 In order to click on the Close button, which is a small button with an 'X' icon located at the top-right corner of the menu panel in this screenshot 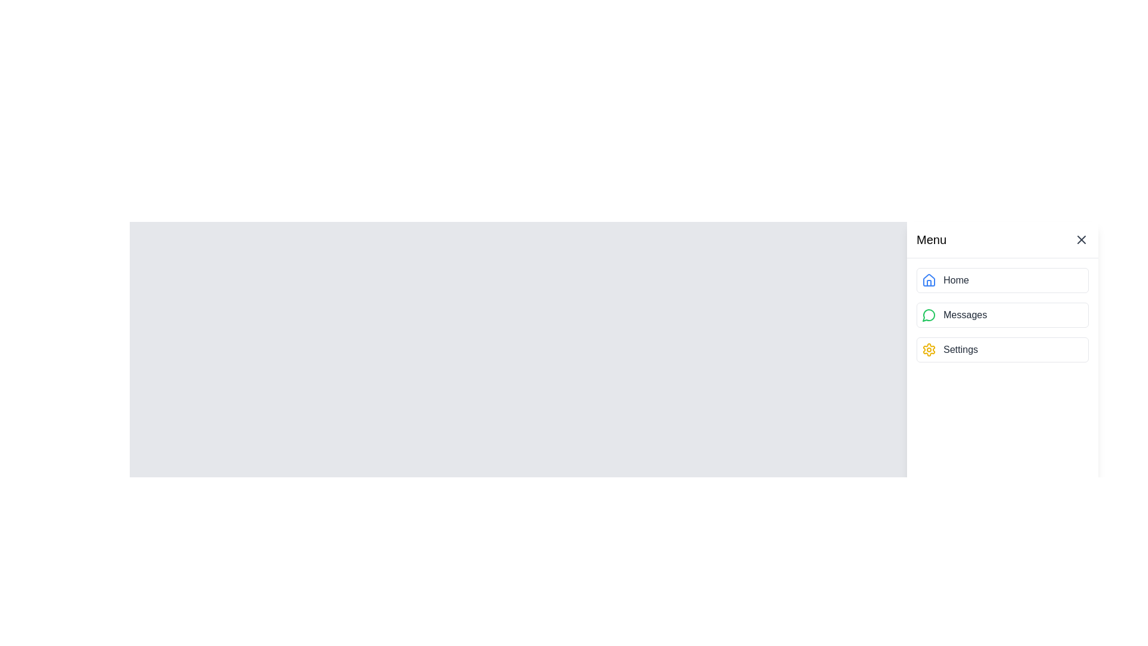, I will do `click(1082, 240)`.